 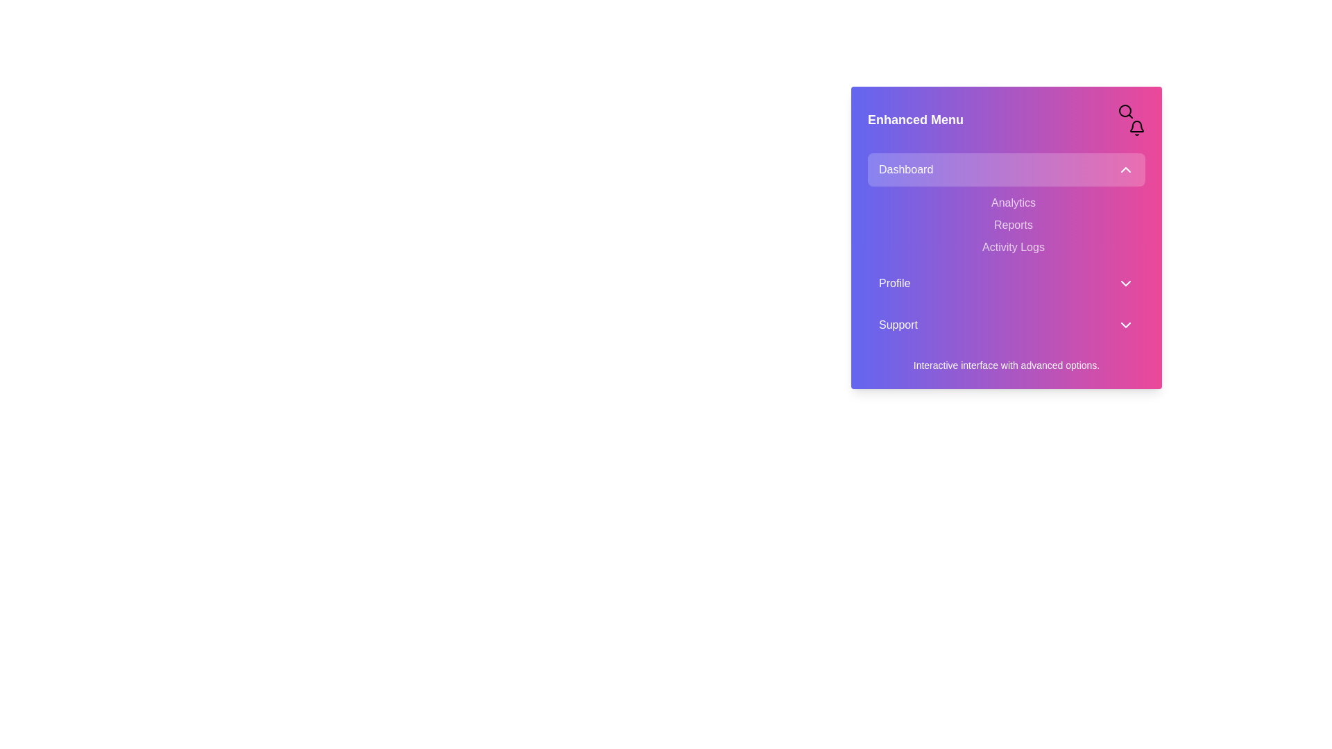 What do you see at coordinates (1013, 203) in the screenshot?
I see `the 'Analytics' text label, which is styled in white with a slightly transparent effect and is the topmost item in a vertical menu list under the 'Dashboard' header` at bounding box center [1013, 203].